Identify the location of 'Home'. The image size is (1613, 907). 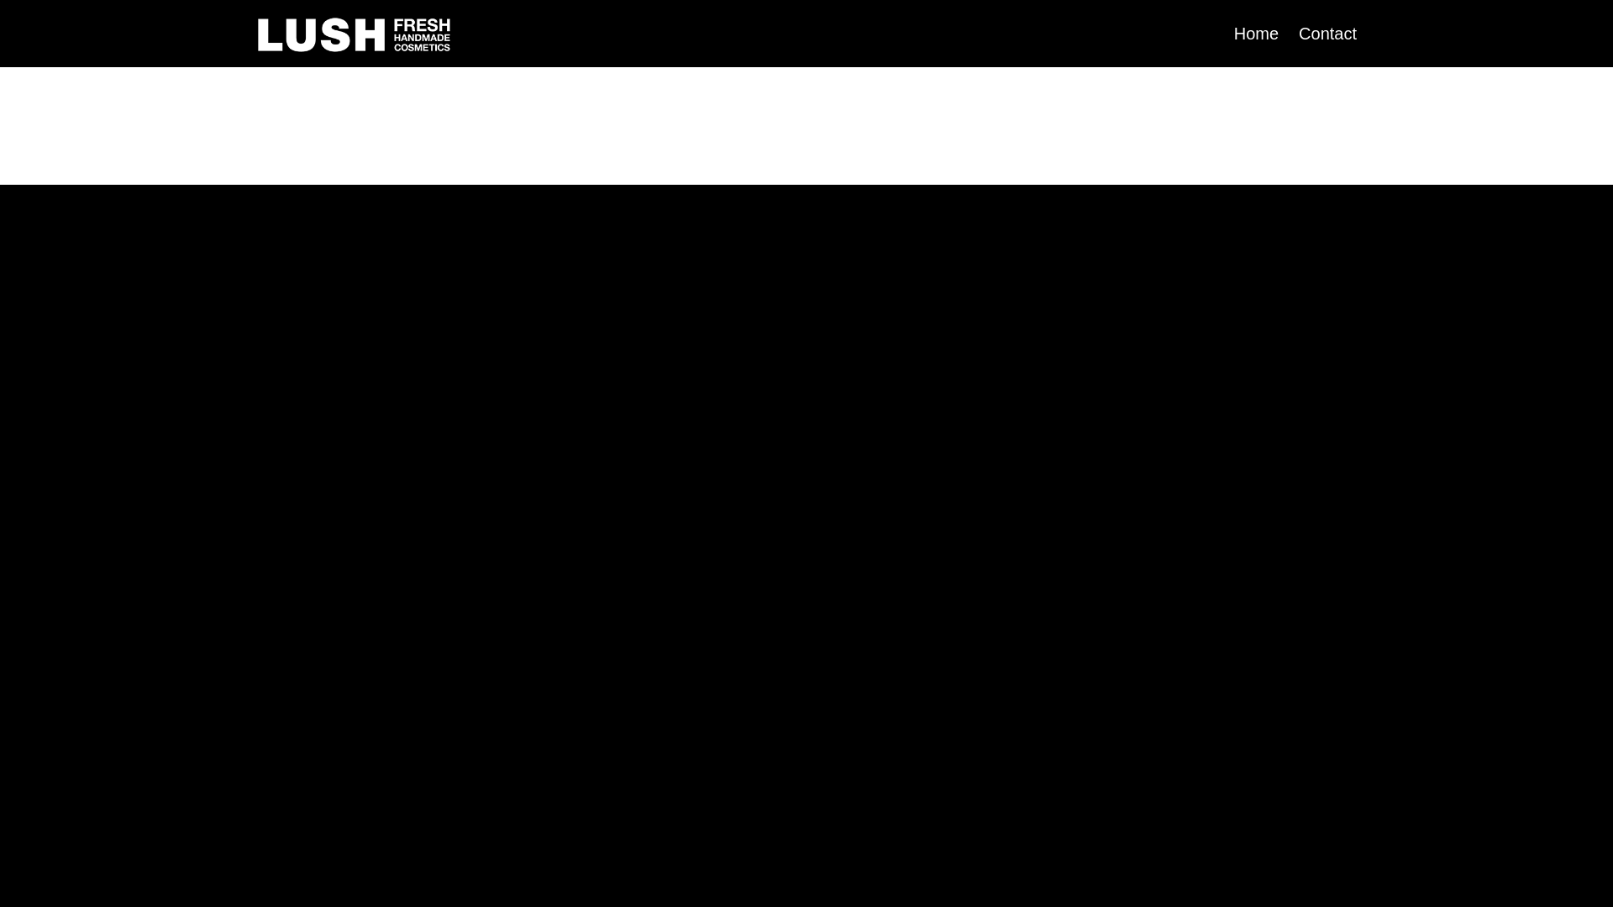
(1256, 33).